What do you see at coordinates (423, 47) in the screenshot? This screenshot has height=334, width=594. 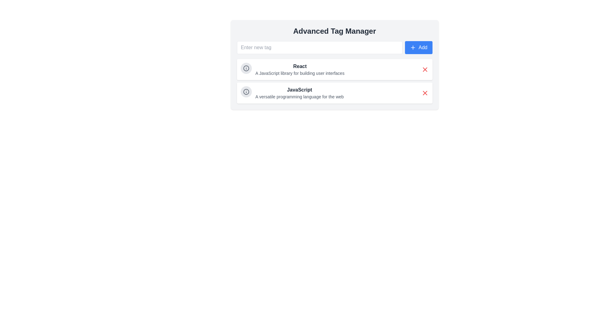 I see `the 'Add' text label located in the top-right corner of the application interface, which indicates the button's purpose of adding new entries` at bounding box center [423, 47].